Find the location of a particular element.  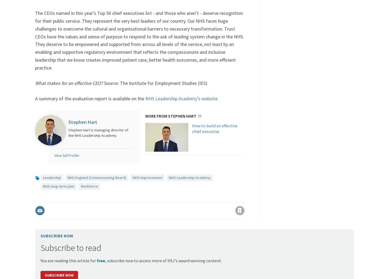

'You are reading this article for' is located at coordinates (68, 260).